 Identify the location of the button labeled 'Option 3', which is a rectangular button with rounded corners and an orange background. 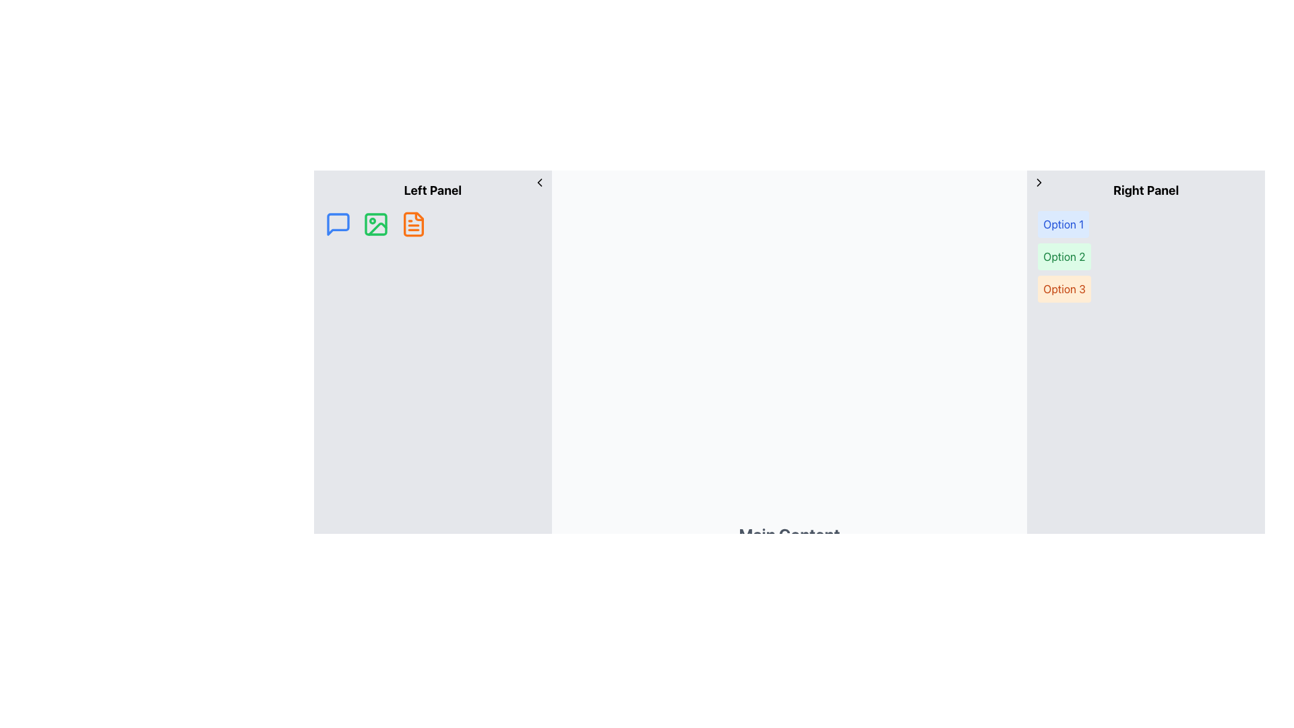
(1064, 288).